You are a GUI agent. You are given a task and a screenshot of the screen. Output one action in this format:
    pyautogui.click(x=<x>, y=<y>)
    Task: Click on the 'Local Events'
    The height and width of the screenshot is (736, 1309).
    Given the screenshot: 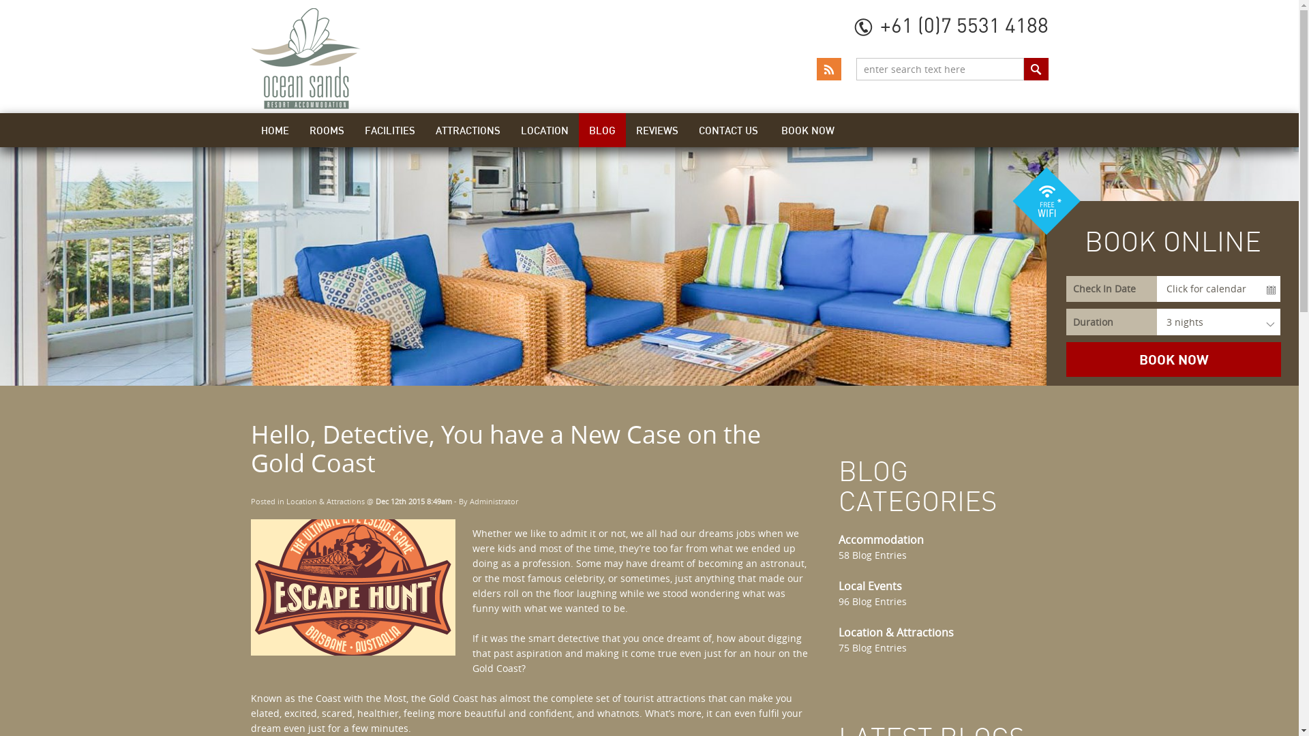 What is the action you would take?
    pyautogui.click(x=869, y=585)
    